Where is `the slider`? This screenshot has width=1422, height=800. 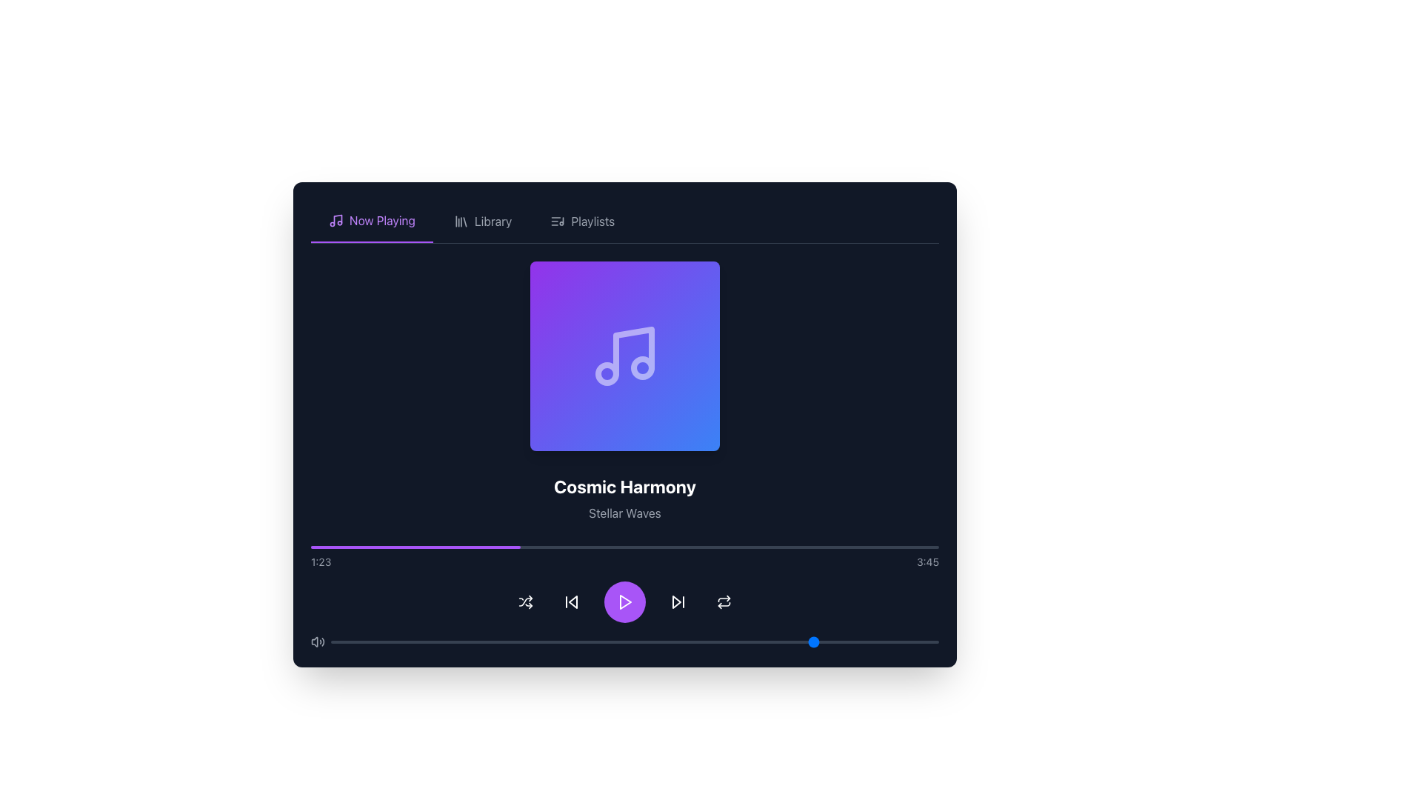
the slider is located at coordinates (907, 641).